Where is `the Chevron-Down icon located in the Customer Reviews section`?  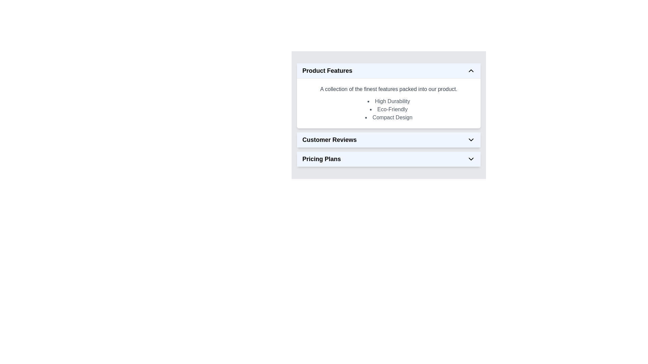 the Chevron-Down icon located in the Customer Reviews section is located at coordinates (471, 140).